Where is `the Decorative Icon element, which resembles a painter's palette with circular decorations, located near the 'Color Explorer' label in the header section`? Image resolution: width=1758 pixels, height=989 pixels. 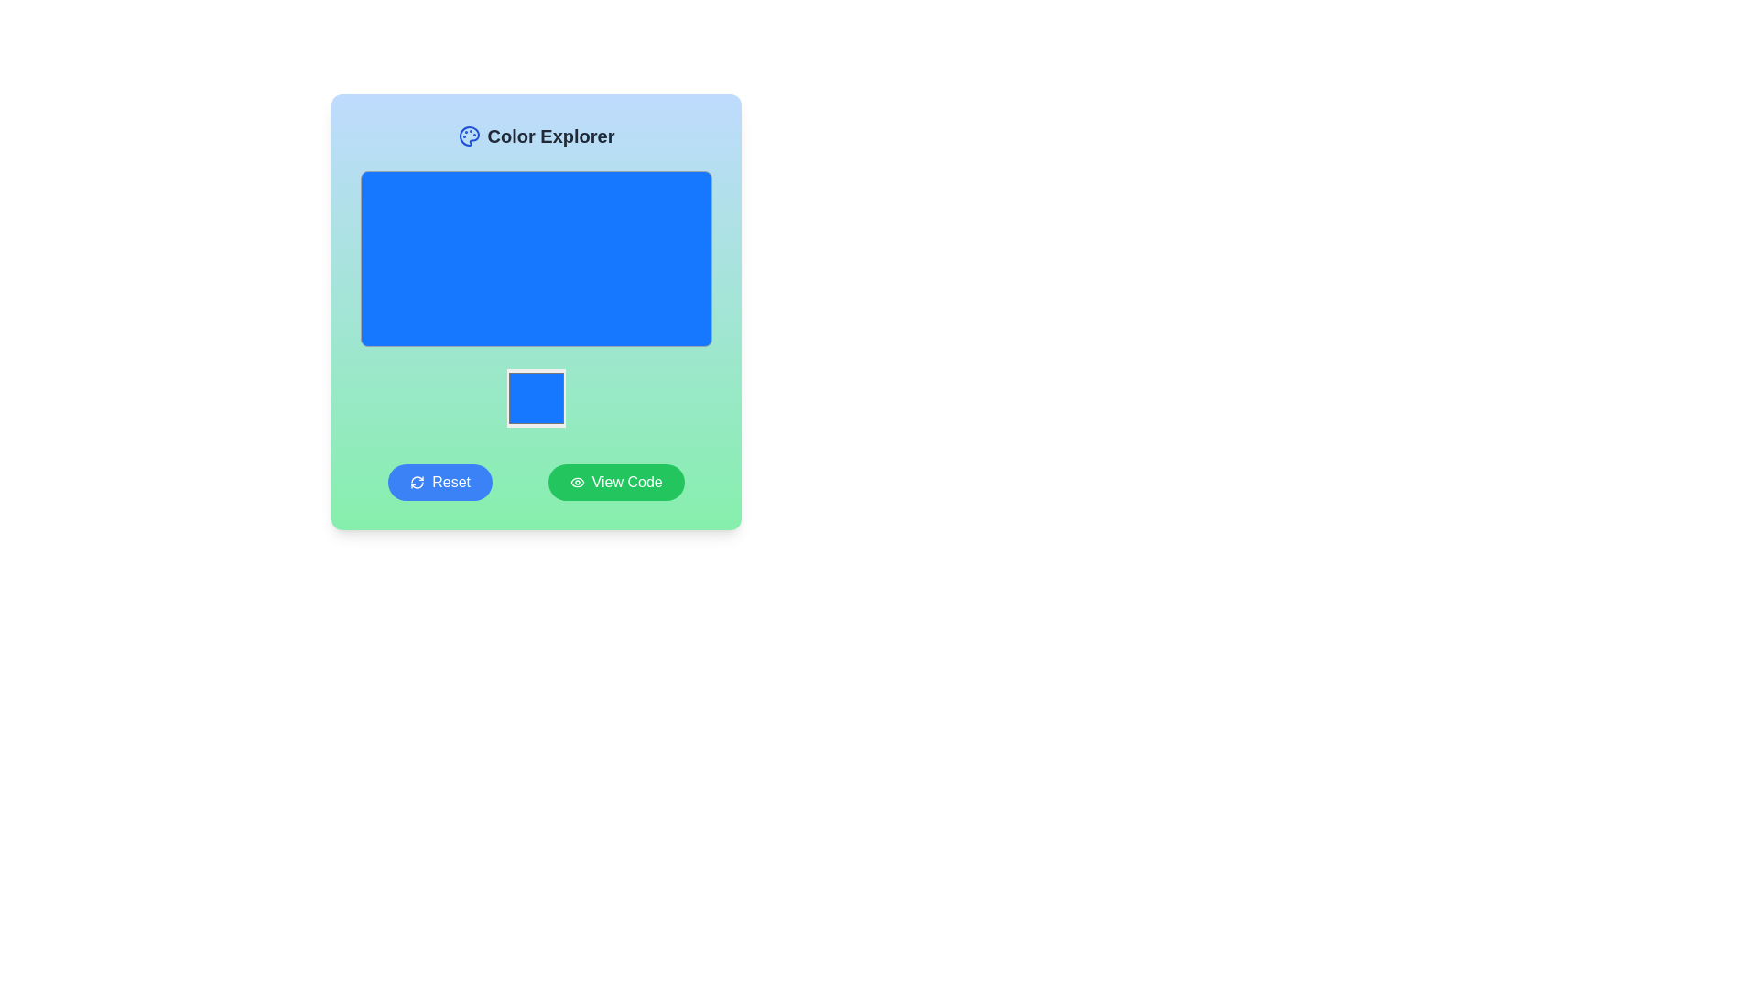 the Decorative Icon element, which resembles a painter's palette with circular decorations, located near the 'Color Explorer' label in the header section is located at coordinates (469, 136).